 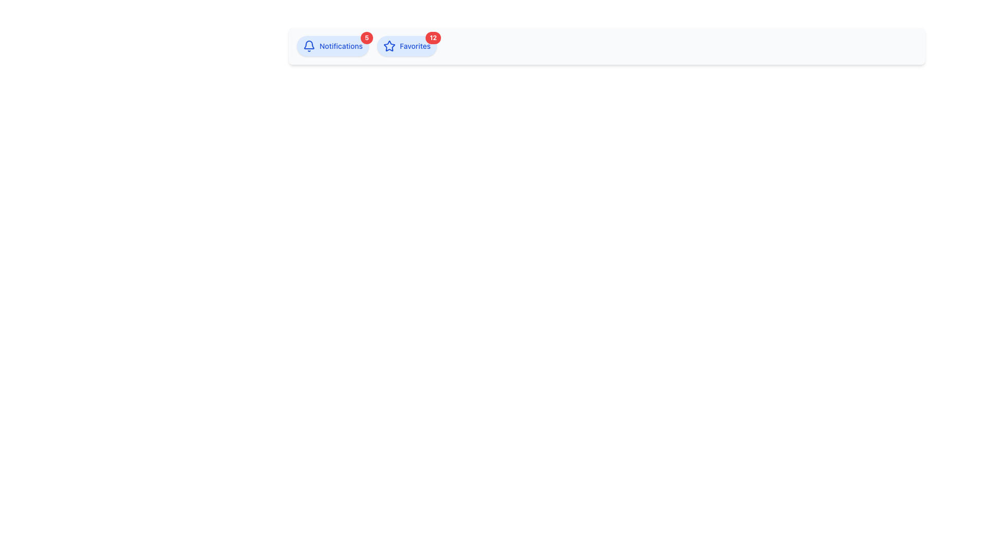 What do you see at coordinates (407, 45) in the screenshot?
I see `the 'Favorites' button, which is the second button in a horizontal row` at bounding box center [407, 45].